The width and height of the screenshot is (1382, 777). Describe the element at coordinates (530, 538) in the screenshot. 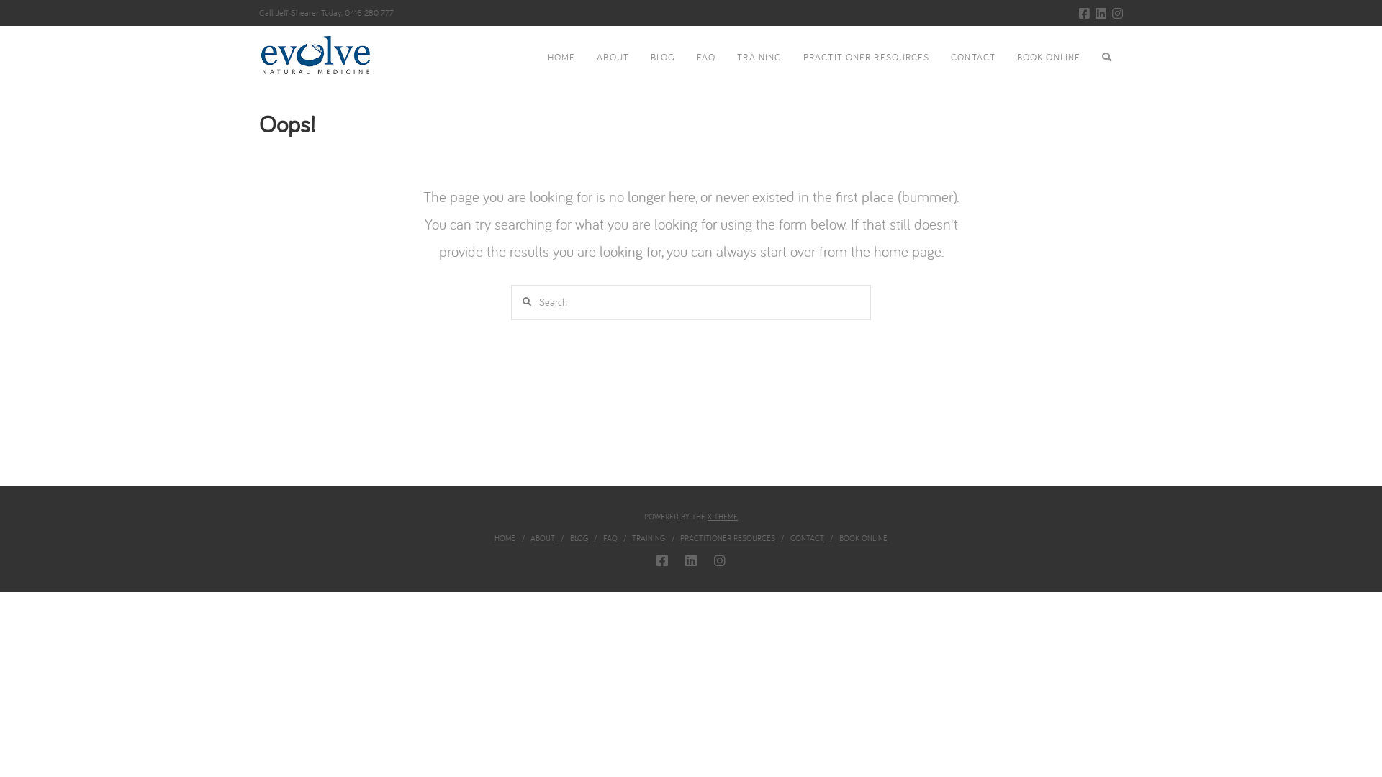

I see `'ABOUT'` at that location.